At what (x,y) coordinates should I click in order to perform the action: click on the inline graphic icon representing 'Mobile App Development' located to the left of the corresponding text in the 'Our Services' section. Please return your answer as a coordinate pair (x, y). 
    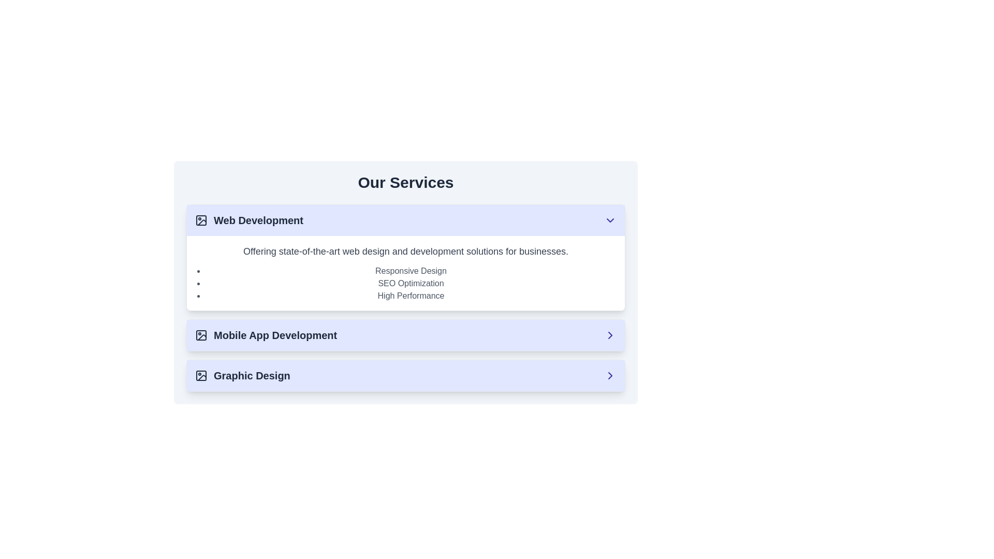
    Looking at the image, I should click on (201, 335).